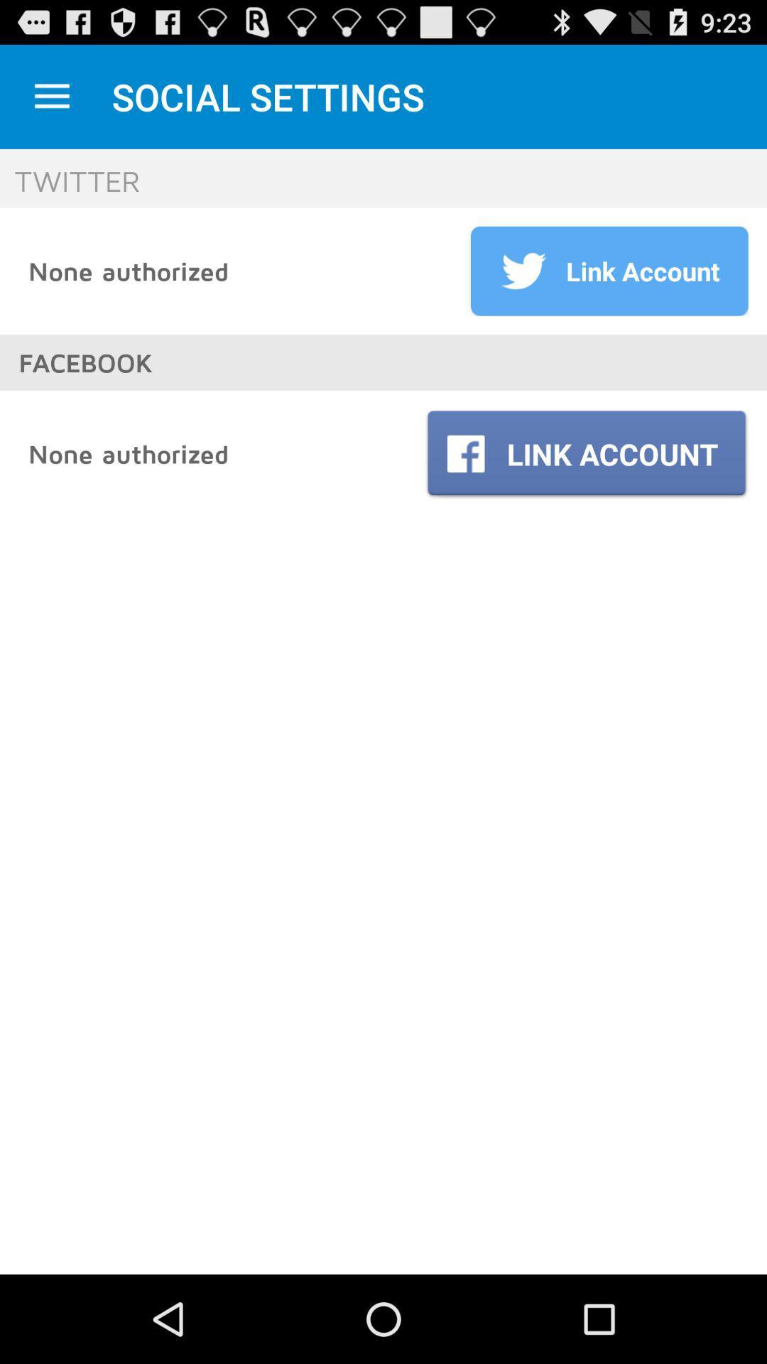 This screenshot has width=767, height=1364. I want to click on the icon to the left of the social settings icon, so click(51, 96).